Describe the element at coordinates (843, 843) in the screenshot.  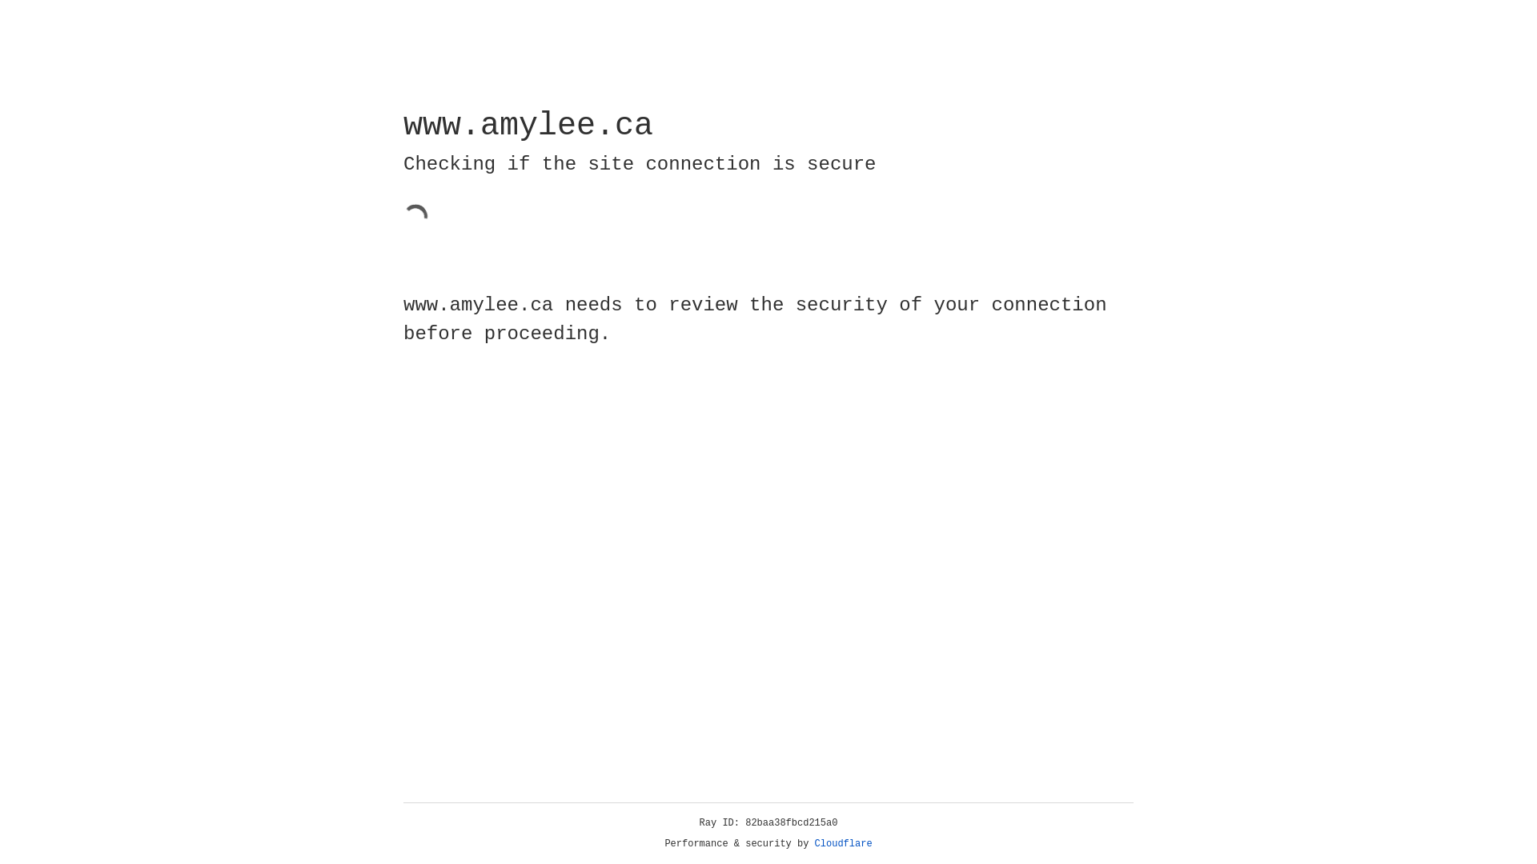
I see `'Cloudflare'` at that location.